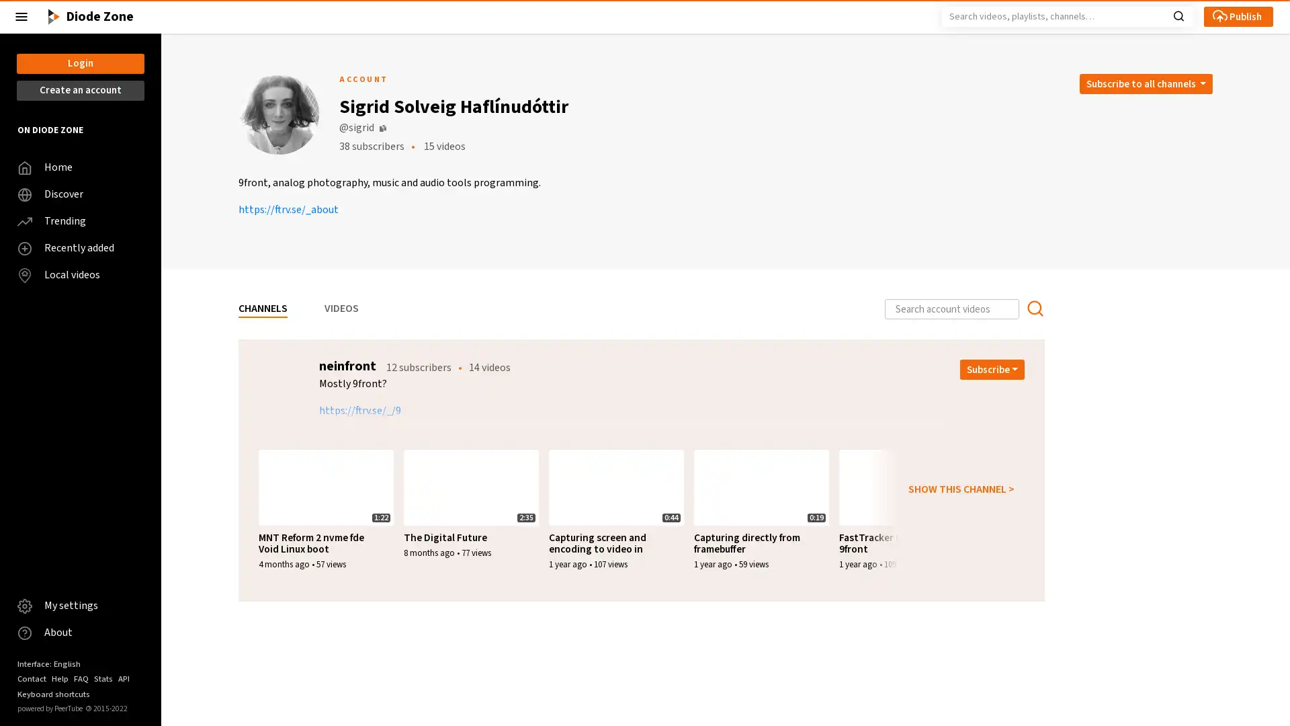 Image resolution: width=1290 pixels, height=726 pixels. What do you see at coordinates (992, 651) in the screenshot?
I see `Open subscription dropdown` at bounding box center [992, 651].